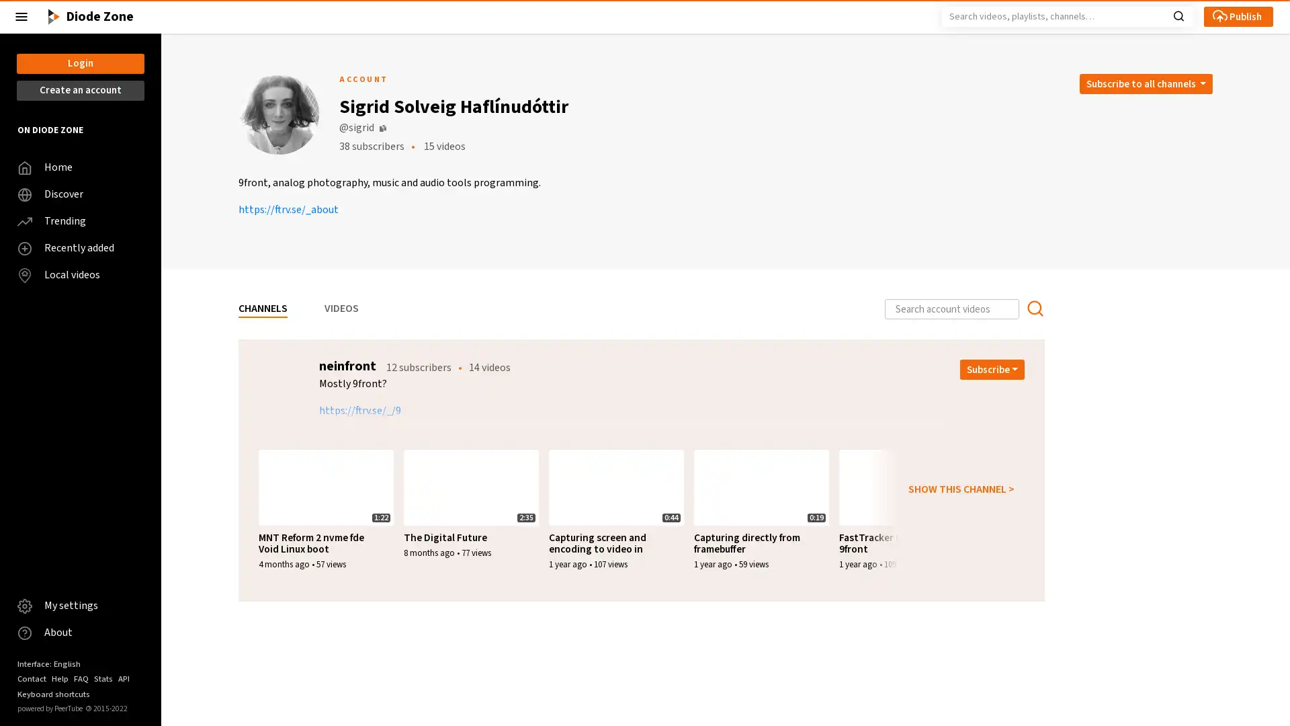 Image resolution: width=1290 pixels, height=726 pixels. What do you see at coordinates (992, 651) in the screenshot?
I see `Open subscription dropdown` at bounding box center [992, 651].